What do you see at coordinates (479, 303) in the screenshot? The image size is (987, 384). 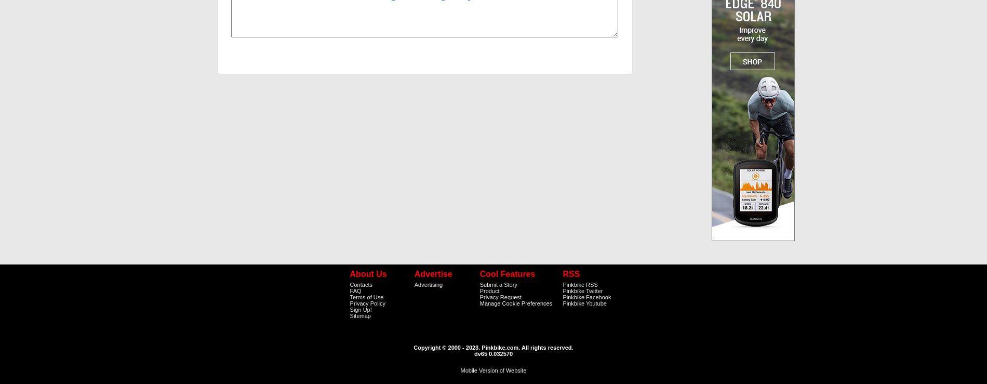 I see `'Manage Cookie Preferences'` at bounding box center [479, 303].